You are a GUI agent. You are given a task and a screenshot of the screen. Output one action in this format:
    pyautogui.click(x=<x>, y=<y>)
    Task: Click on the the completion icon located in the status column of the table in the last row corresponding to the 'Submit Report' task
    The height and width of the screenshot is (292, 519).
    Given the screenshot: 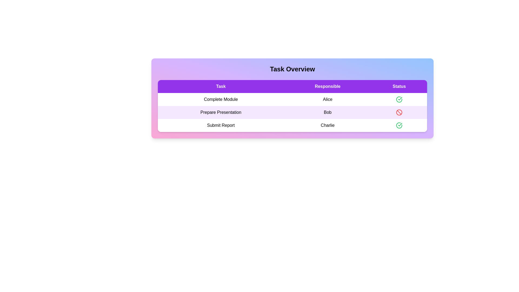 What is the action you would take?
    pyautogui.click(x=399, y=99)
    